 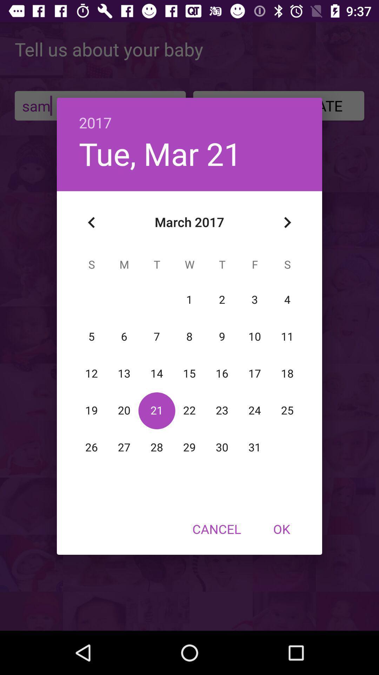 What do you see at coordinates (281, 529) in the screenshot?
I see `item to the right of the cancel item` at bounding box center [281, 529].